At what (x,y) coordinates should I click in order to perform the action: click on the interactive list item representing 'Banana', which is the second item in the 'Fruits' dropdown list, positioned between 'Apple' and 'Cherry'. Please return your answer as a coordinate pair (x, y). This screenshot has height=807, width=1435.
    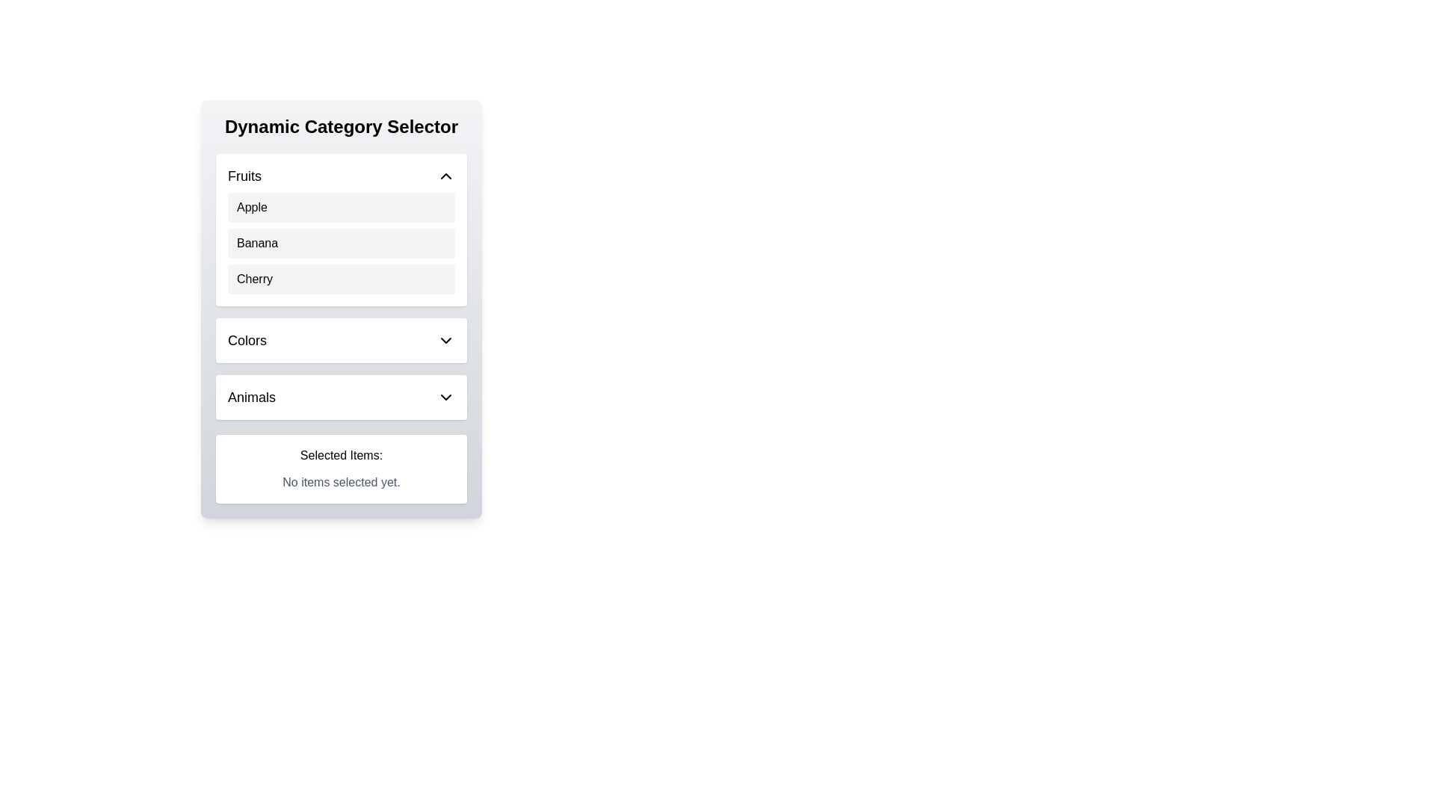
    Looking at the image, I should click on (340, 243).